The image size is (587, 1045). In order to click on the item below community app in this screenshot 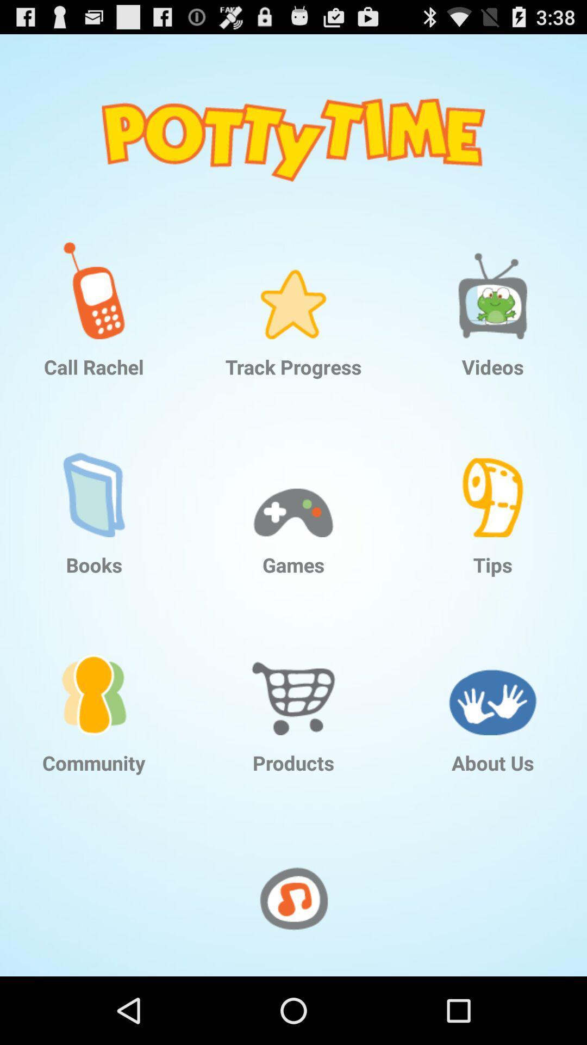, I will do `click(293, 898)`.